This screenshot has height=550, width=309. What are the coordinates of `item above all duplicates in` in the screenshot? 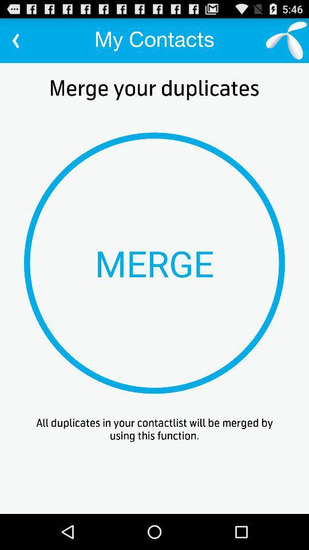 It's located at (154, 263).